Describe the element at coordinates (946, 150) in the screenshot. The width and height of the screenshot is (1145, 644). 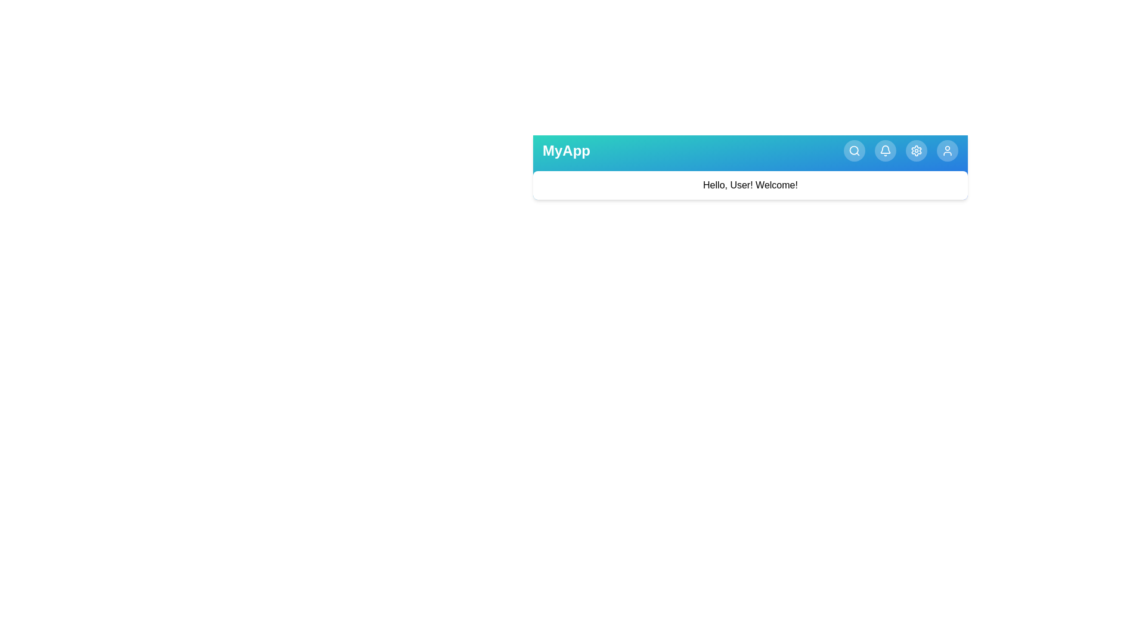
I see `the user profile button` at that location.